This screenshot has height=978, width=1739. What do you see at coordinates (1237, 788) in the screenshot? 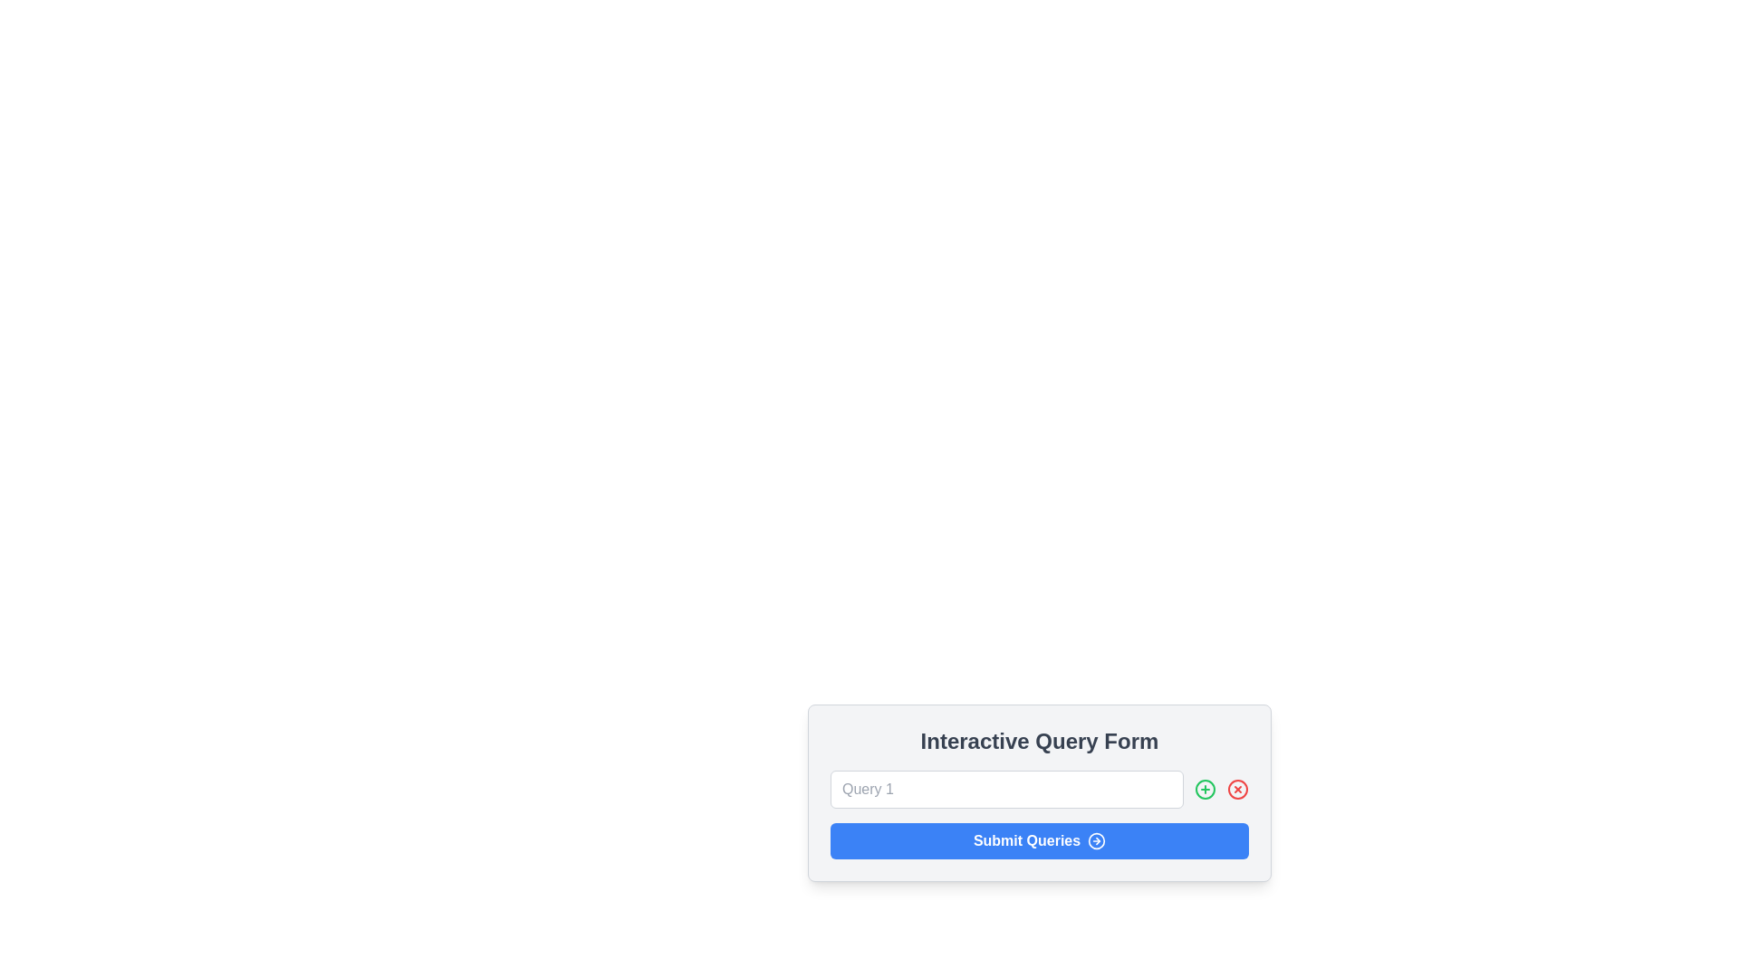
I see `the red circular close button with a red cross in the middle located within the interactive form dialog box` at bounding box center [1237, 788].